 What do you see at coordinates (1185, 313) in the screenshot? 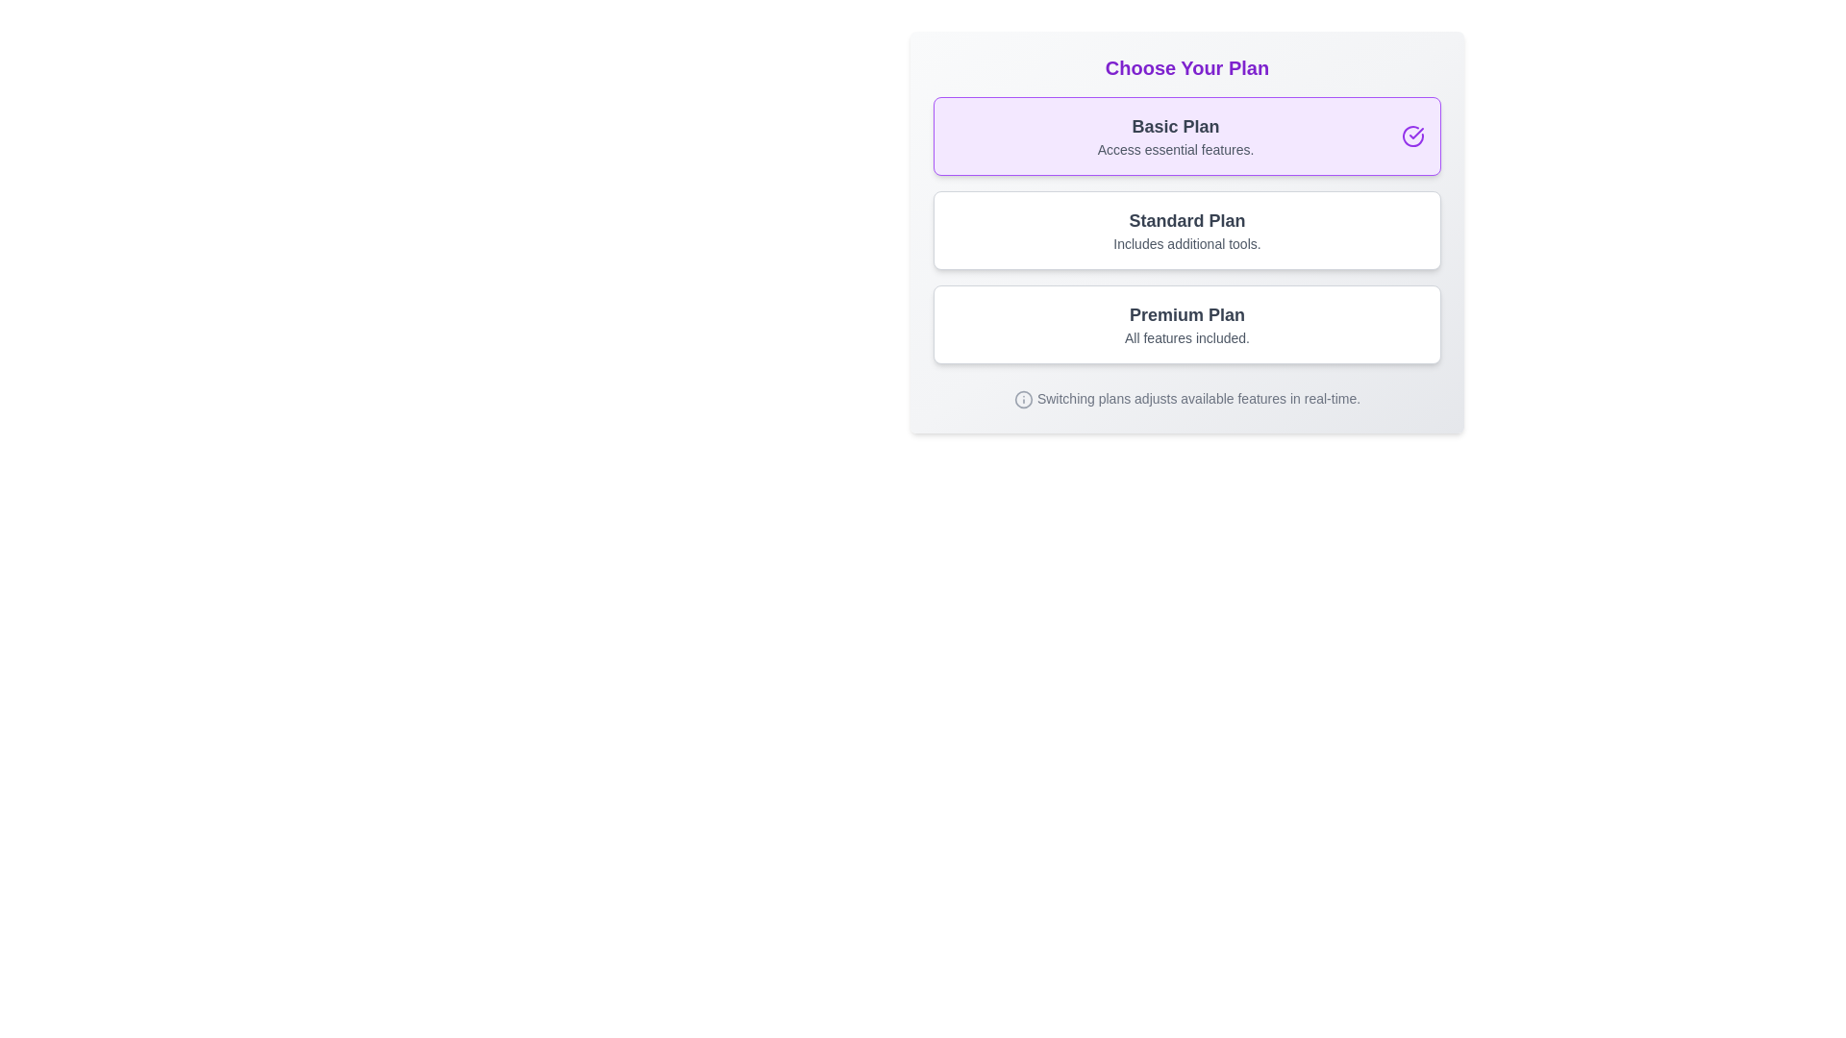
I see `the 'Premium Plan' text element, which is styled in bold and serves as the title of the third option in a vertical list of selectable plans` at bounding box center [1185, 313].